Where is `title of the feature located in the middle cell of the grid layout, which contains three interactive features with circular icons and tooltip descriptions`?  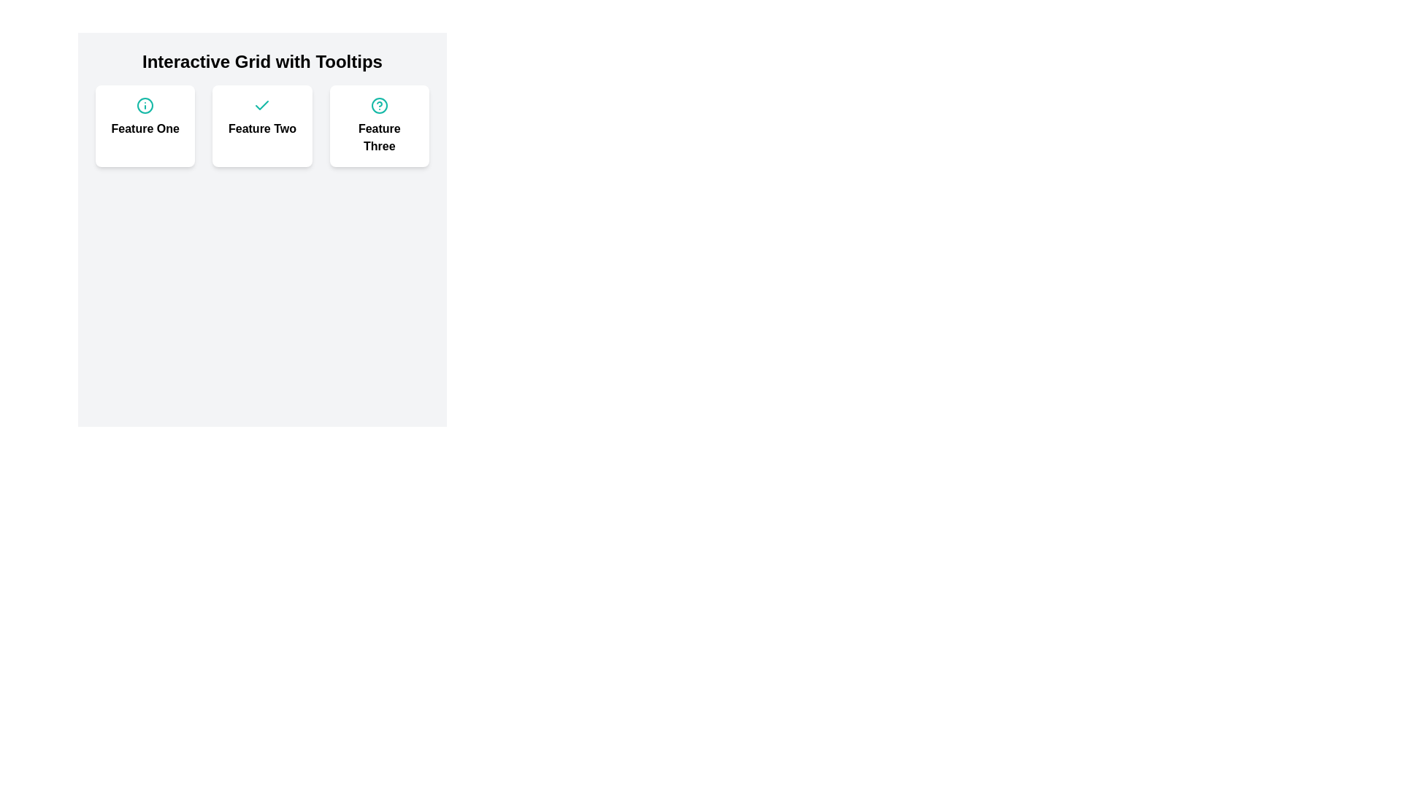
title of the feature located in the middle cell of the grid layout, which contains three interactive features with circular icons and tooltip descriptions is located at coordinates (262, 125).